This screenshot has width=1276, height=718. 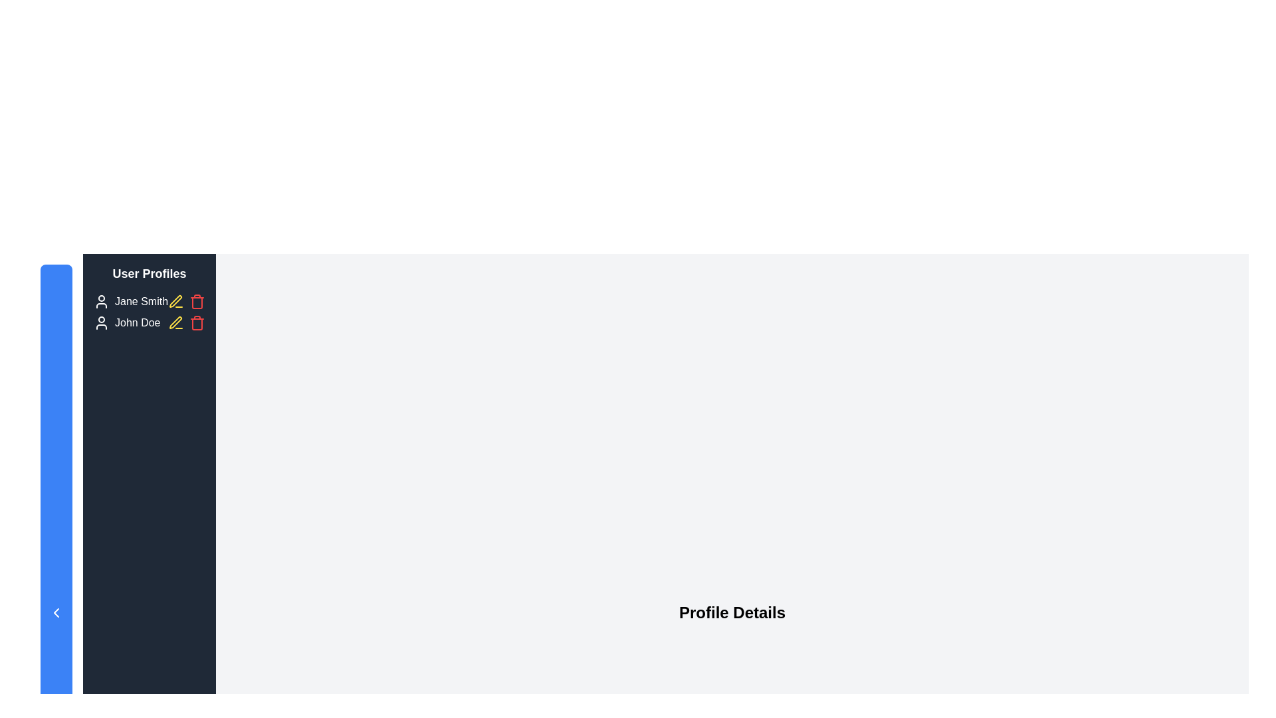 I want to click on the text label displaying 'Jane Smith', so click(x=150, y=302).